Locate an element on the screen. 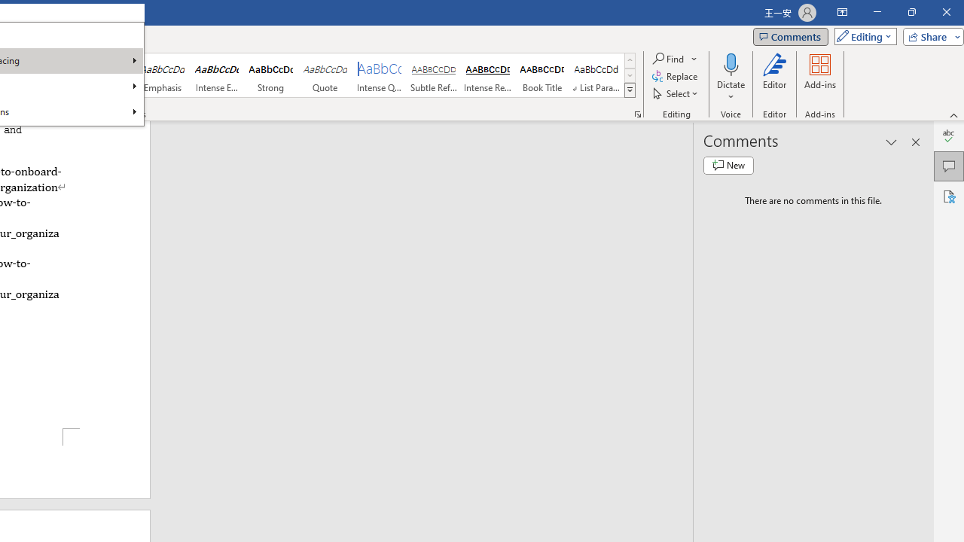 This screenshot has height=542, width=964. 'Quote' is located at coordinates (325, 75).